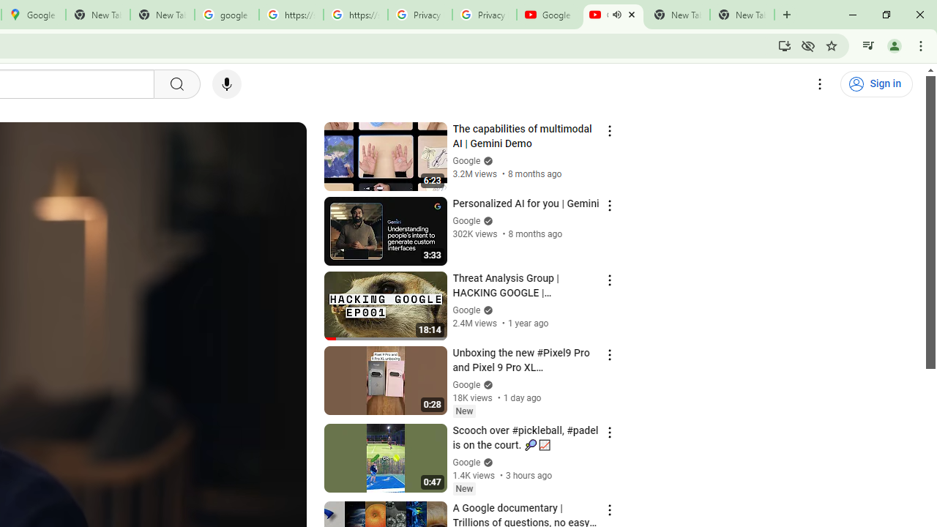 This screenshot has height=527, width=937. What do you see at coordinates (784, 45) in the screenshot?
I see `'Install YouTube'` at bounding box center [784, 45].